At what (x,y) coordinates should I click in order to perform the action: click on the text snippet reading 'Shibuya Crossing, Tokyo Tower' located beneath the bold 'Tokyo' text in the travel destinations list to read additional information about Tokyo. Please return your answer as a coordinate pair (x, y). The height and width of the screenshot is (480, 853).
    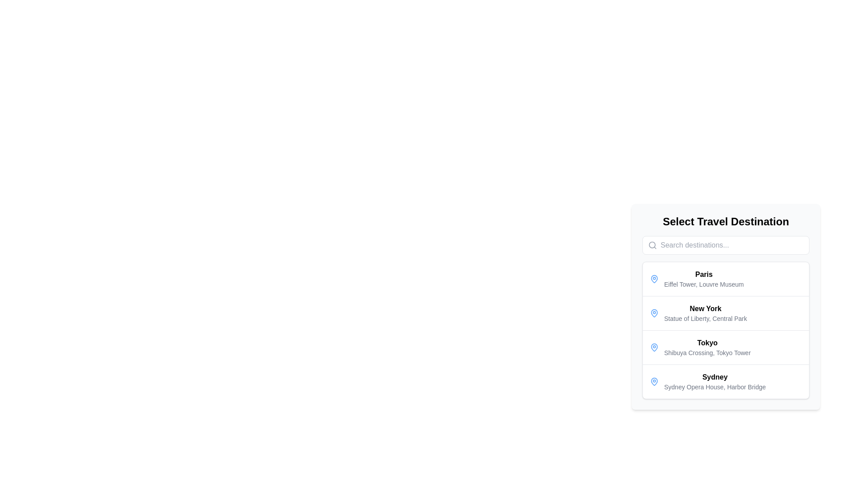
    Looking at the image, I should click on (707, 352).